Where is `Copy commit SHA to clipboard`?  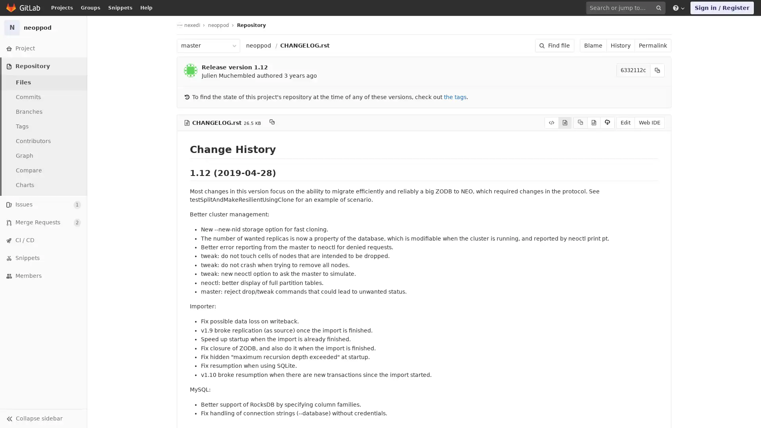 Copy commit SHA to clipboard is located at coordinates (658, 70).